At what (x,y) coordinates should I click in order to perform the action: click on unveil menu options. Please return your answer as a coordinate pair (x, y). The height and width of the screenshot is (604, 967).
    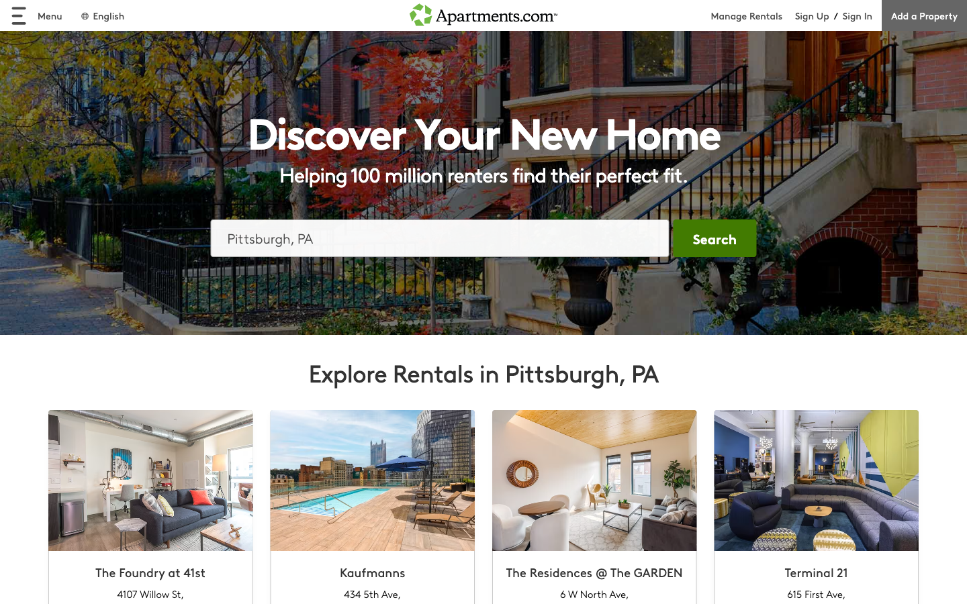
    Looking at the image, I should click on (36, 15).